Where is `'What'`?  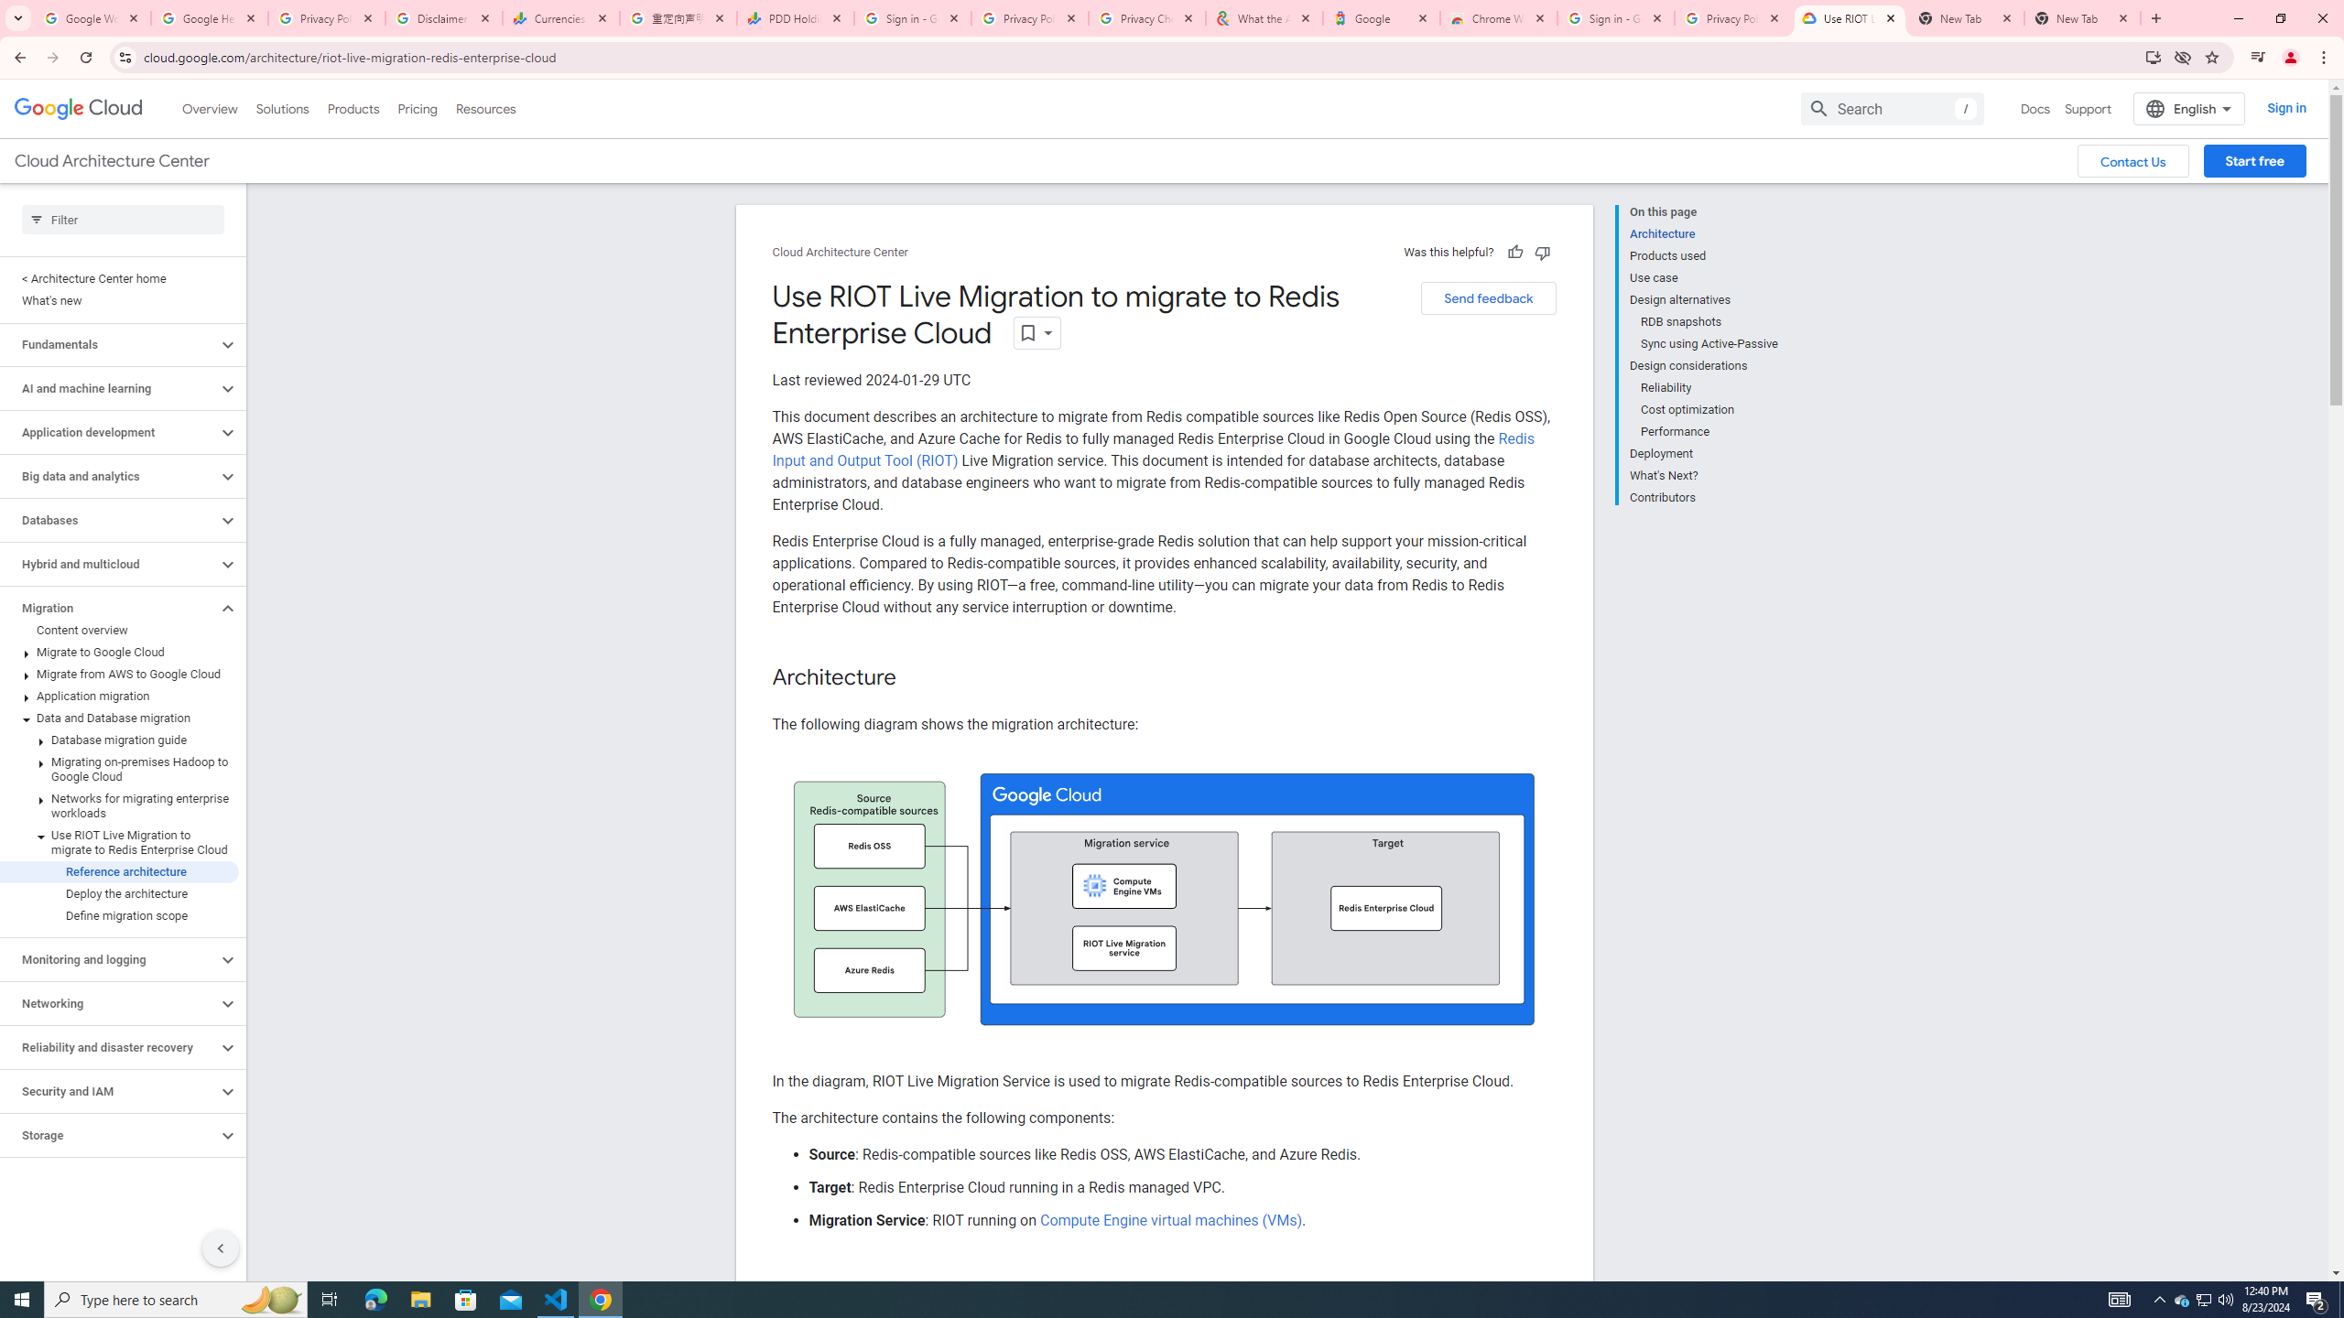
'What' is located at coordinates (119, 301).